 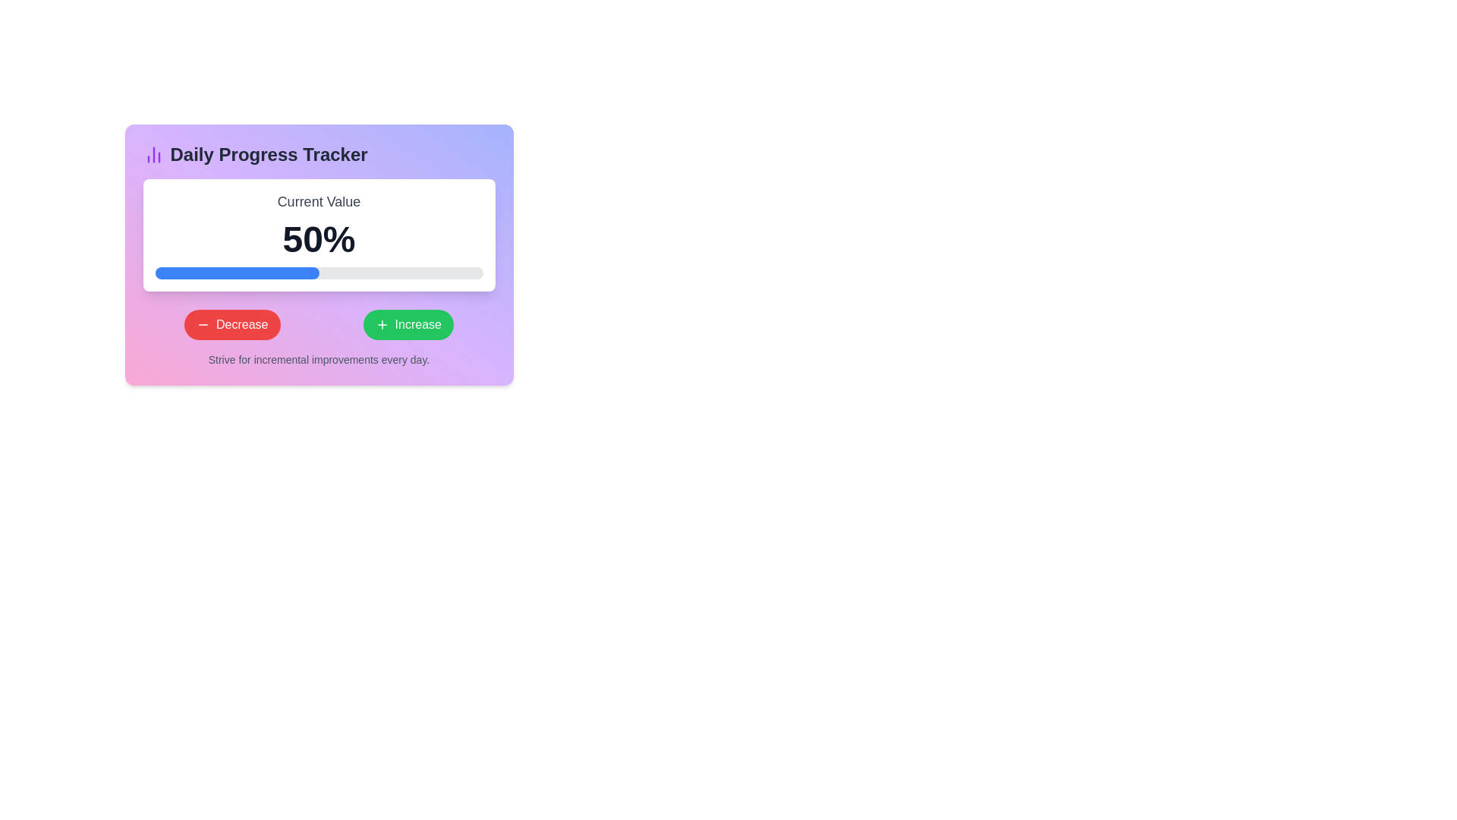 What do you see at coordinates (236, 272) in the screenshot?
I see `blue progress indicator that is located within a gray background bar, which visually represents 50% progress` at bounding box center [236, 272].